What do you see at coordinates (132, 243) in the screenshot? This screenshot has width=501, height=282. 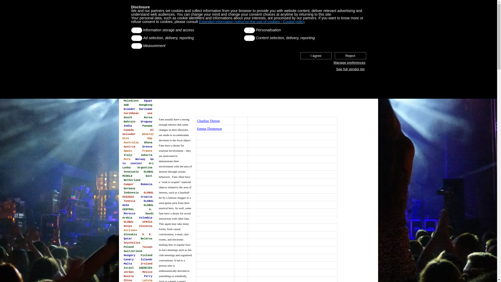 I see `'Seychelles'` at bounding box center [132, 243].